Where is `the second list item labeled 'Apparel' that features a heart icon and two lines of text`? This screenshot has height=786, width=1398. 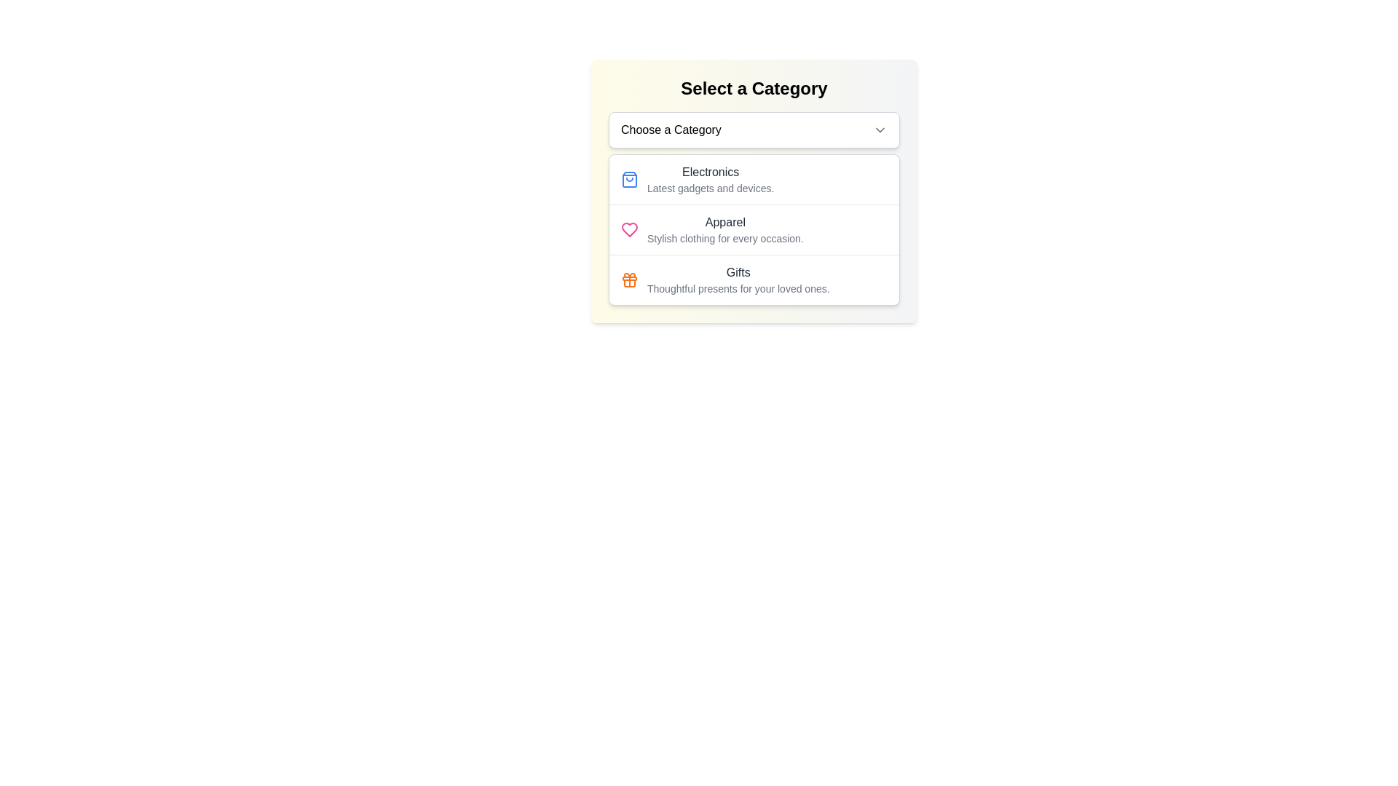
the second list item labeled 'Apparel' that features a heart icon and two lines of text is located at coordinates (754, 229).